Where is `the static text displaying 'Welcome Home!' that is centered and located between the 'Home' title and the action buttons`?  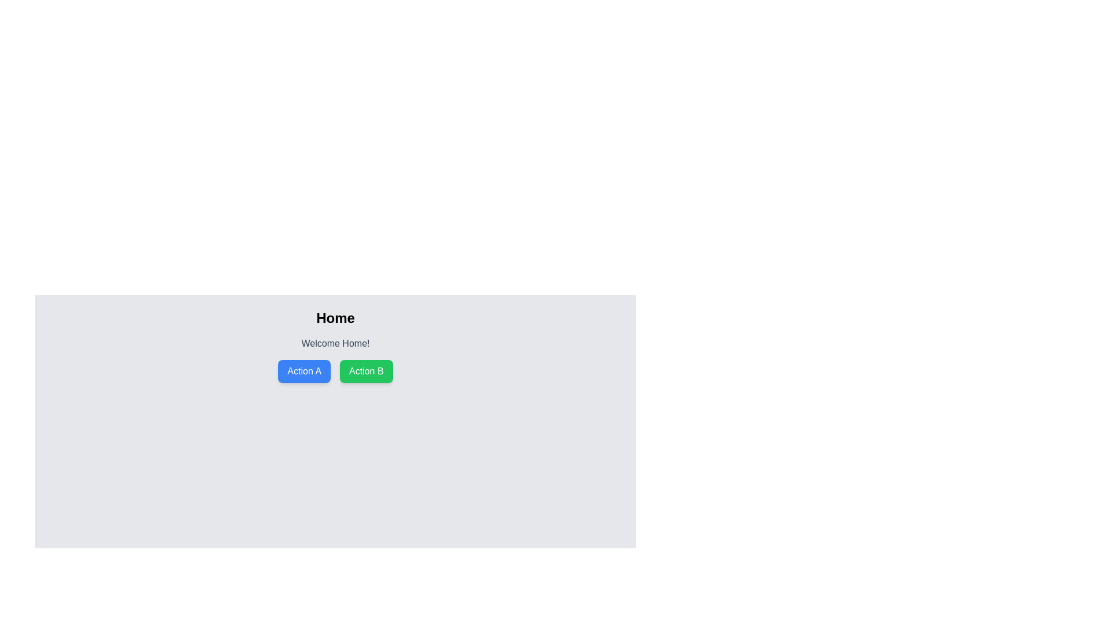 the static text displaying 'Welcome Home!' that is centered and located between the 'Home' title and the action buttons is located at coordinates (335, 343).